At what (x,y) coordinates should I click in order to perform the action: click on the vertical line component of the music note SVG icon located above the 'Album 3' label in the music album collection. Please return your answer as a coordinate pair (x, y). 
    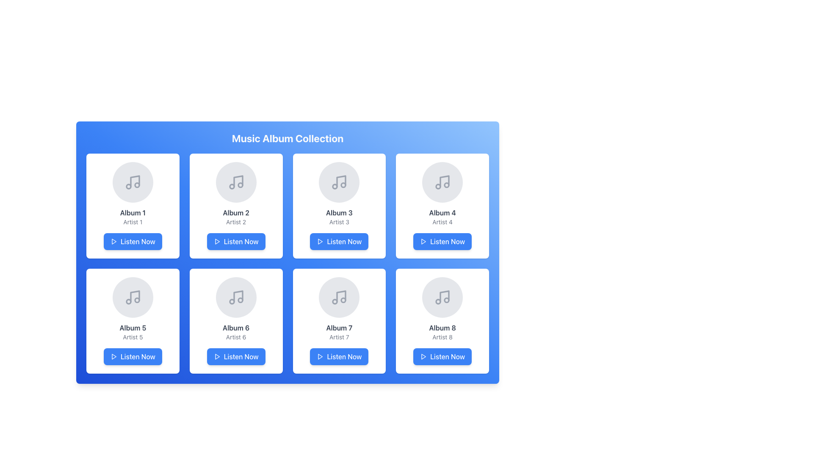
    Looking at the image, I should click on (341, 181).